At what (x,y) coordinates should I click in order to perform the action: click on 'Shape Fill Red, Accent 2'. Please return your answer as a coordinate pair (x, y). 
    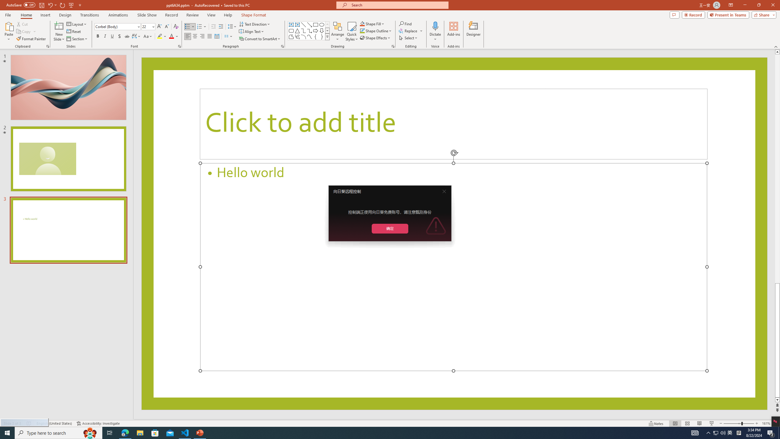
    Looking at the image, I should click on (362, 23).